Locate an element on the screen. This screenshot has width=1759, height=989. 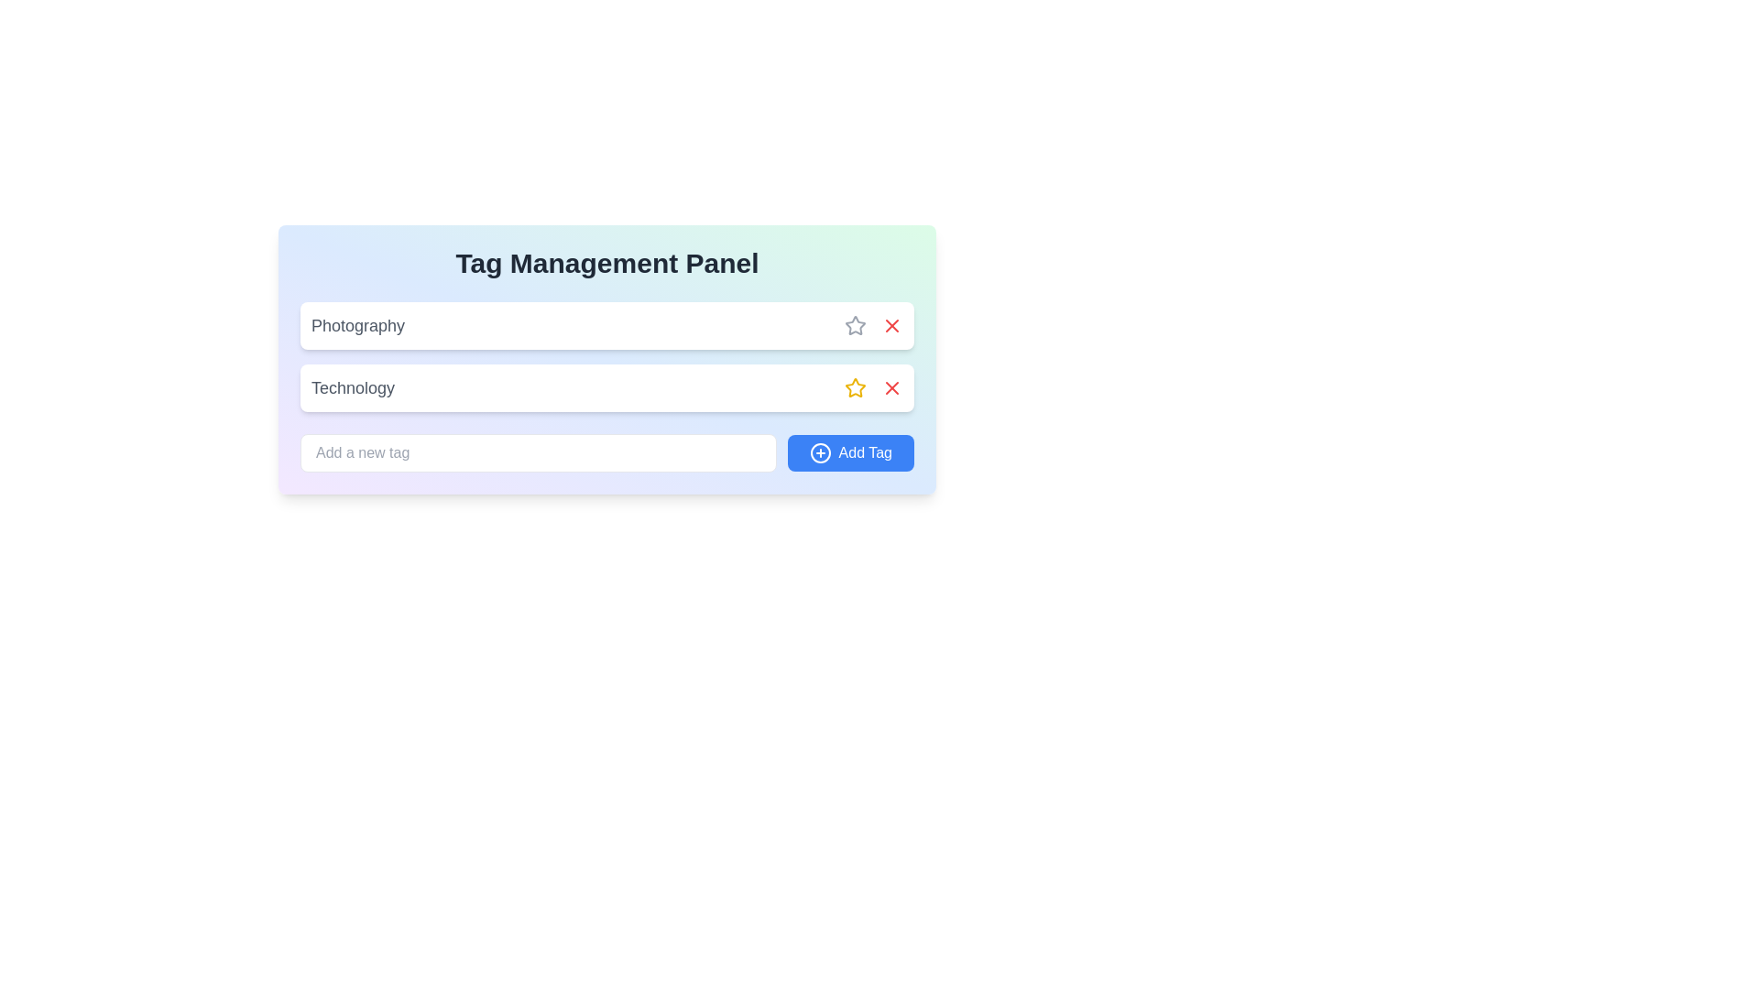
the red 'X' icon button located in the top-right corner of the list item labeled 'Photography' is located at coordinates (873, 324).